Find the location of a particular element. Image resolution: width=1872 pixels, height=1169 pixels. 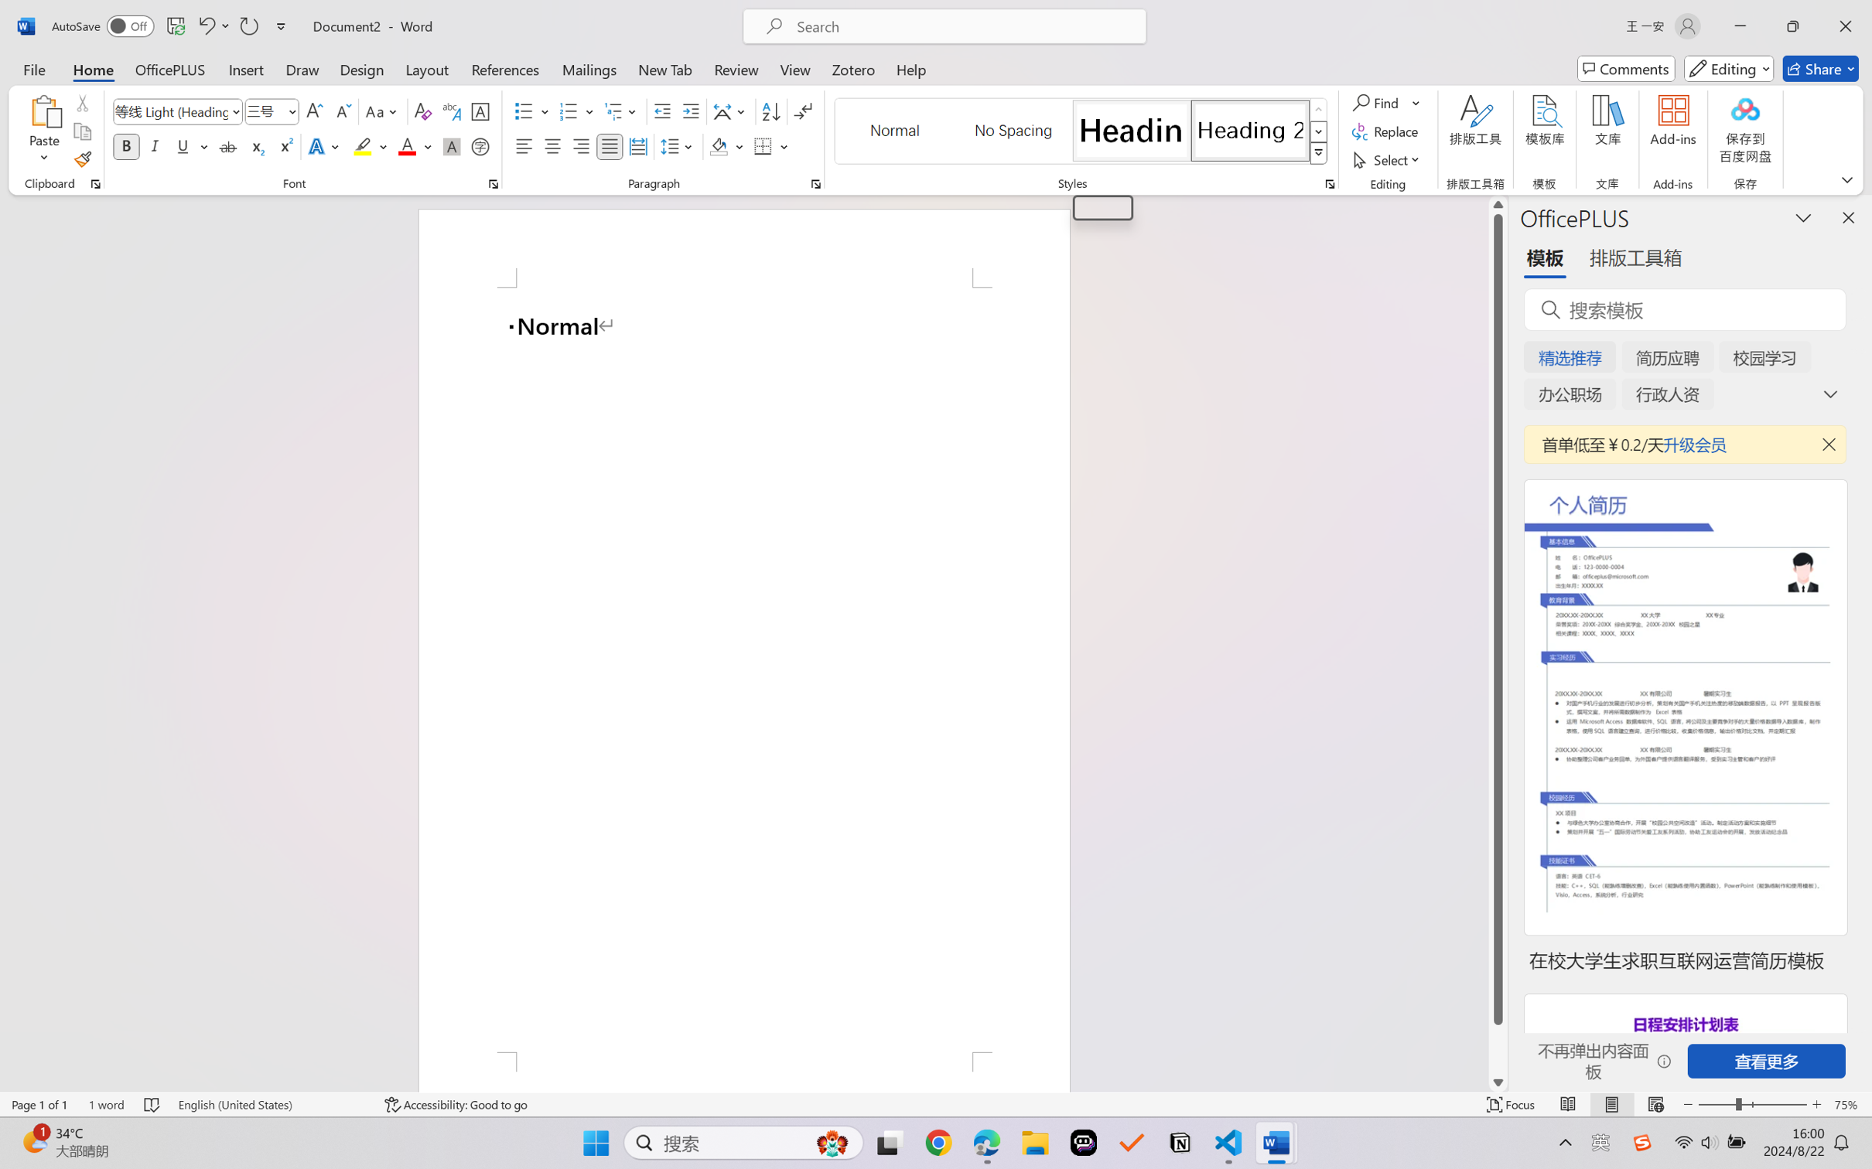

'Customize Quick Access Toolbar' is located at coordinates (281, 26).